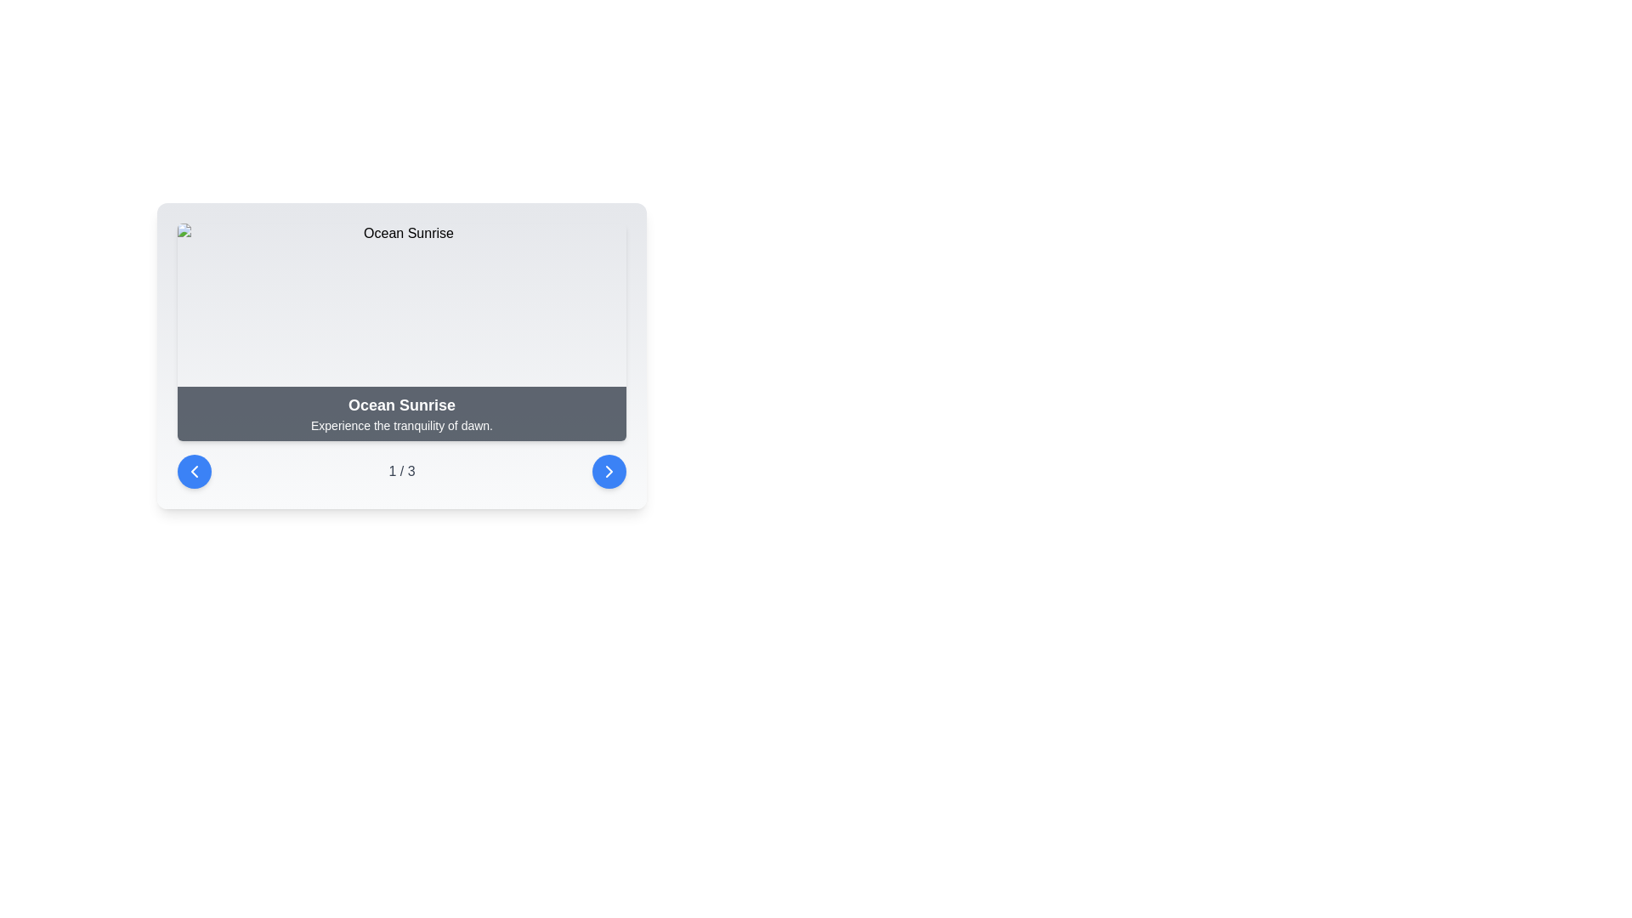 The image size is (1632, 918). What do you see at coordinates (195, 472) in the screenshot?
I see `the interactive chevron icon located in the left-side circular blue button underneath the 'Ocean Sunrise' card` at bounding box center [195, 472].